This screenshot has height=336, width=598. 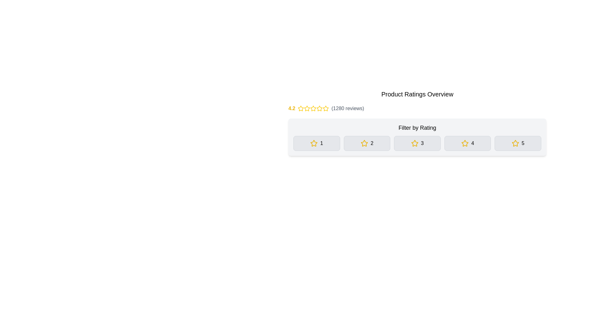 What do you see at coordinates (523, 143) in the screenshot?
I see `the numeric text label '5' which is styled with a medium font-weight and positioned next to a star icon, indicating a filter for a 5-star rating` at bounding box center [523, 143].